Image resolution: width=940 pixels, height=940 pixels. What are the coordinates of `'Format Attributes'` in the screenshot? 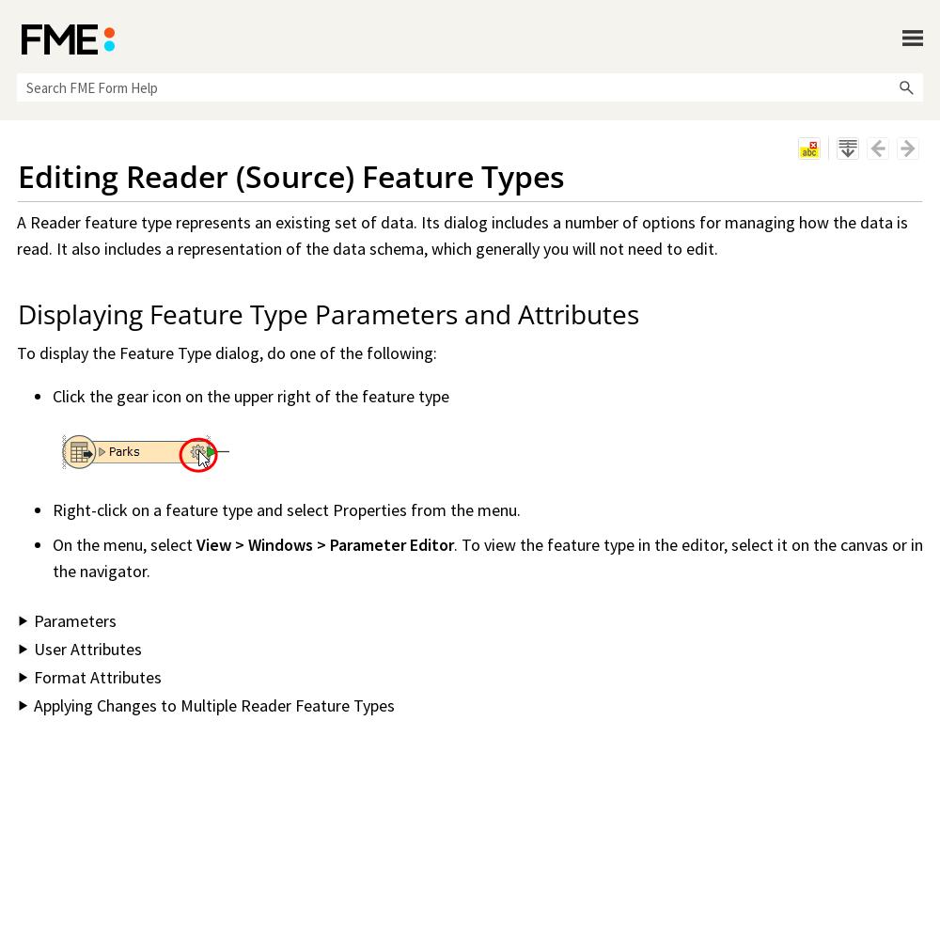 It's located at (97, 676).